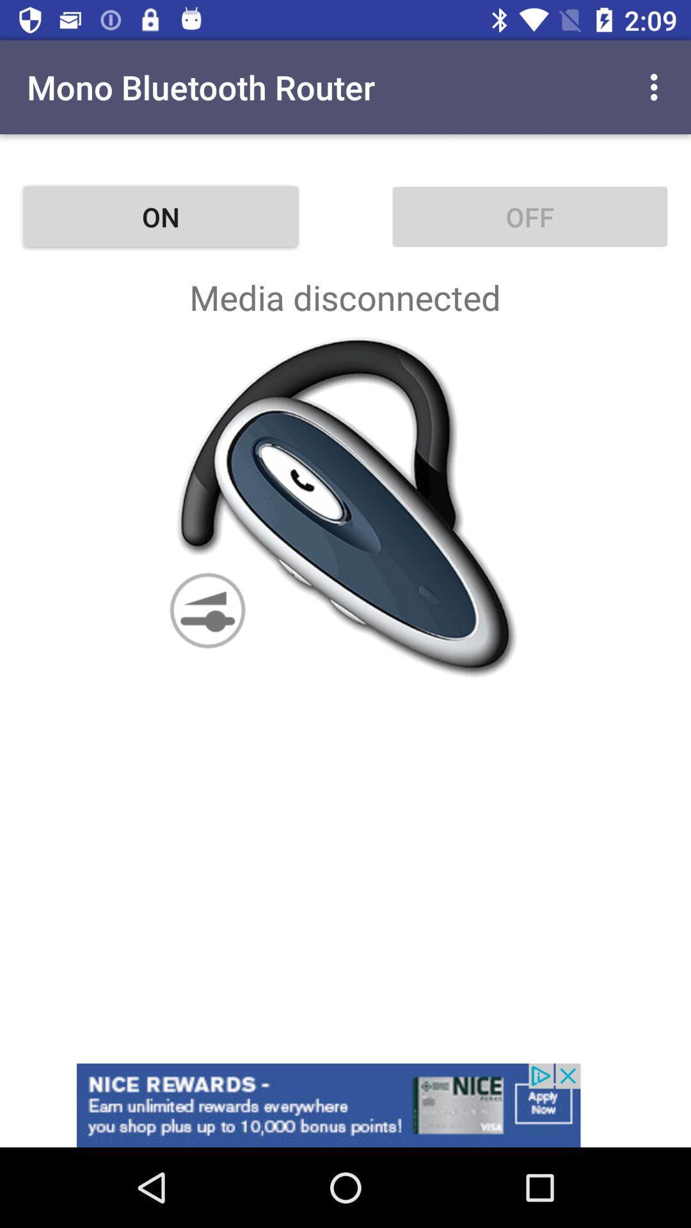 The width and height of the screenshot is (691, 1228). What do you see at coordinates (207, 610) in the screenshot?
I see `the sliders icon` at bounding box center [207, 610].